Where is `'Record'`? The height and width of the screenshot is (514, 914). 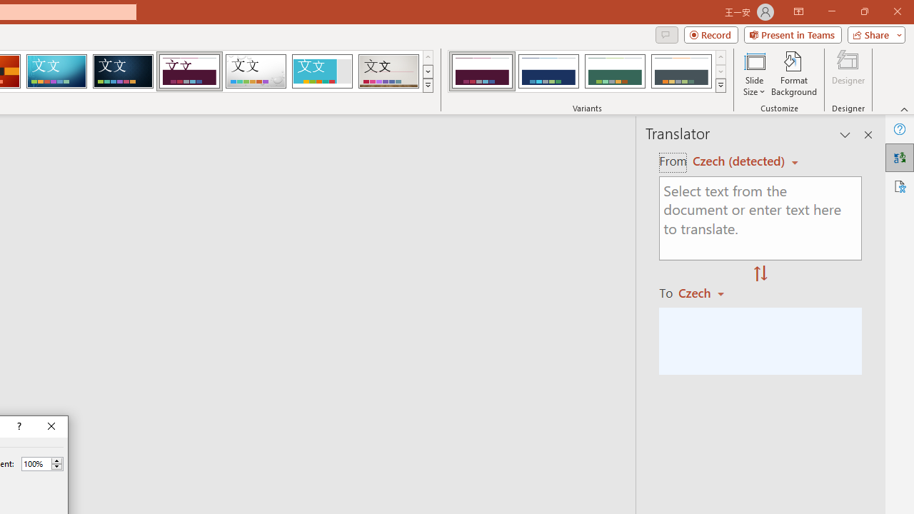 'Record' is located at coordinates (710, 34).